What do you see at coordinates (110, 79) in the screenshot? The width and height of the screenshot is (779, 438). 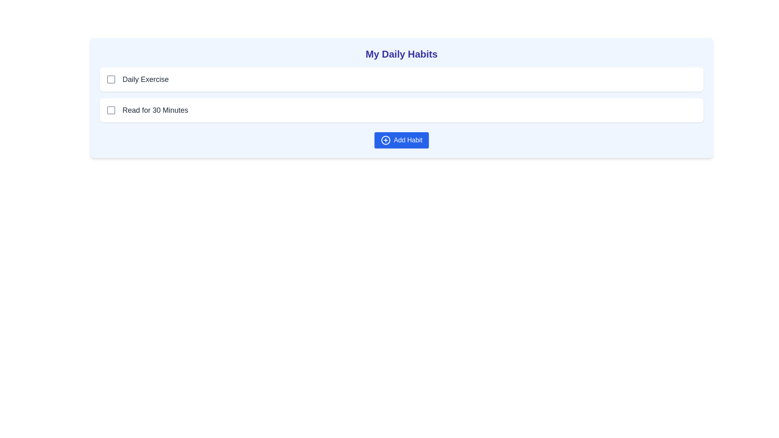 I see `the checkbox element for 'Daily Exercise'` at bounding box center [110, 79].